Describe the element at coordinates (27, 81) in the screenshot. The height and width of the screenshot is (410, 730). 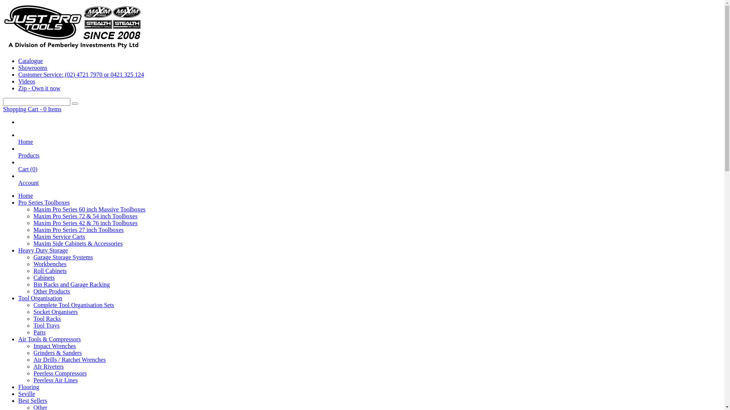
I see `'Videos'` at that location.